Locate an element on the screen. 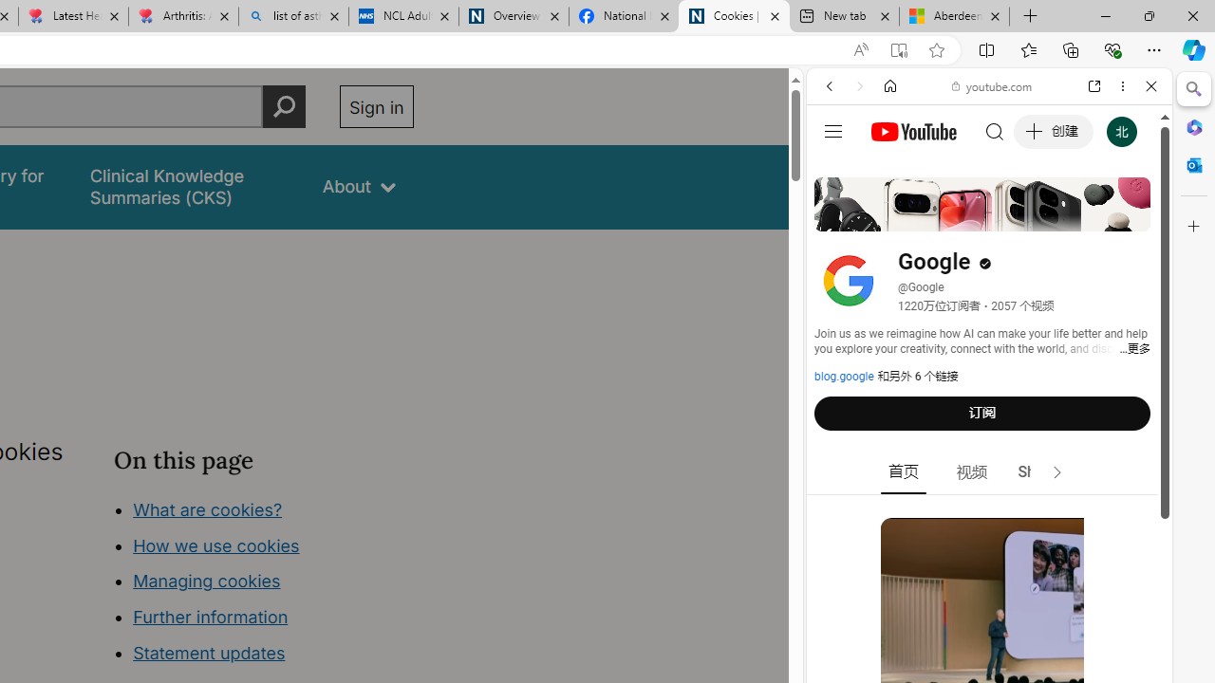 The height and width of the screenshot is (683, 1215). 'NCL Adult Asthma Inhaler Choice Guideline' is located at coordinates (402, 16).